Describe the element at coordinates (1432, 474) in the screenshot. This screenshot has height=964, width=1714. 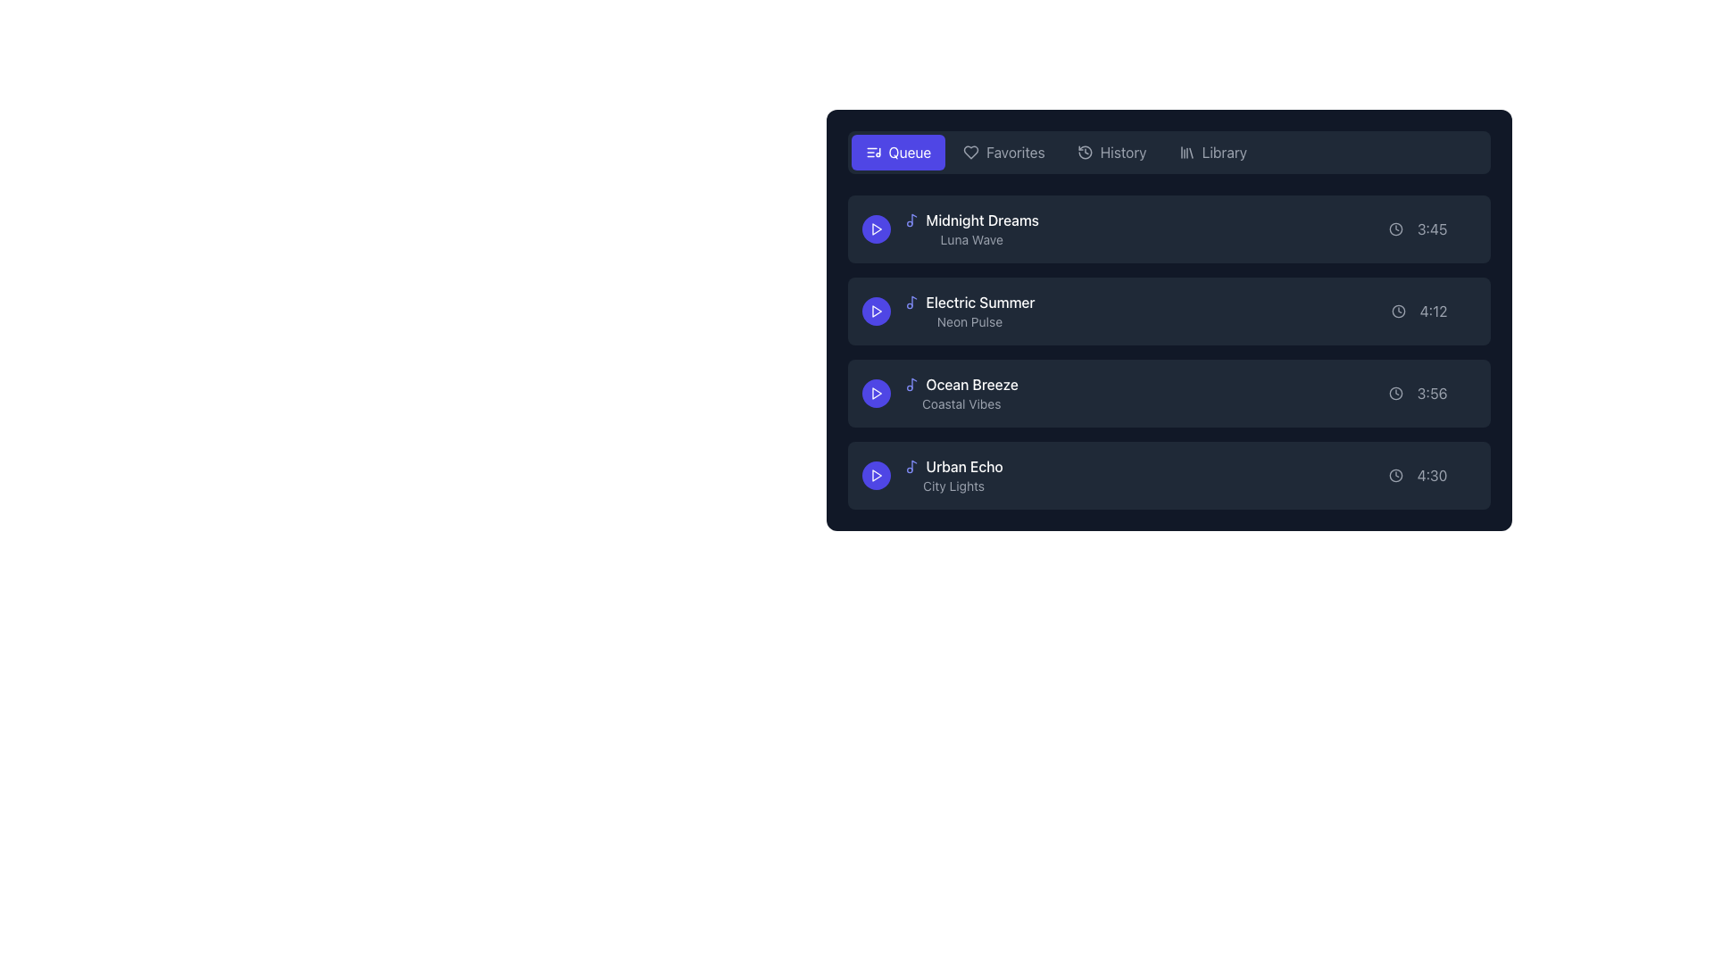
I see `the Static Text with Icon displaying the time value '4:30' next to the clock icon, which is the duration indicator for the audio track 'Urban Echo' located at the rightmost part of the row` at that location.